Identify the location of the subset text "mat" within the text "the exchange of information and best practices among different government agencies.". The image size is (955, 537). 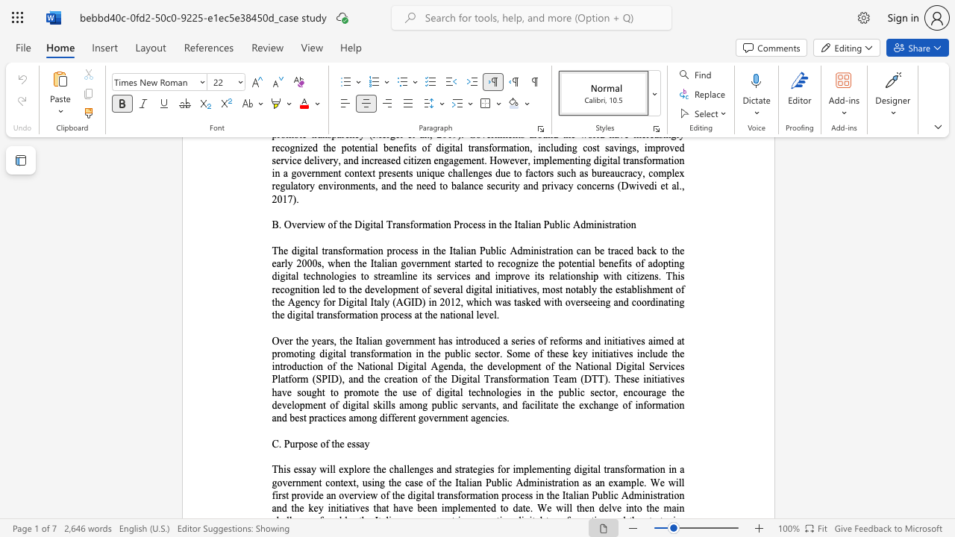
(655, 405).